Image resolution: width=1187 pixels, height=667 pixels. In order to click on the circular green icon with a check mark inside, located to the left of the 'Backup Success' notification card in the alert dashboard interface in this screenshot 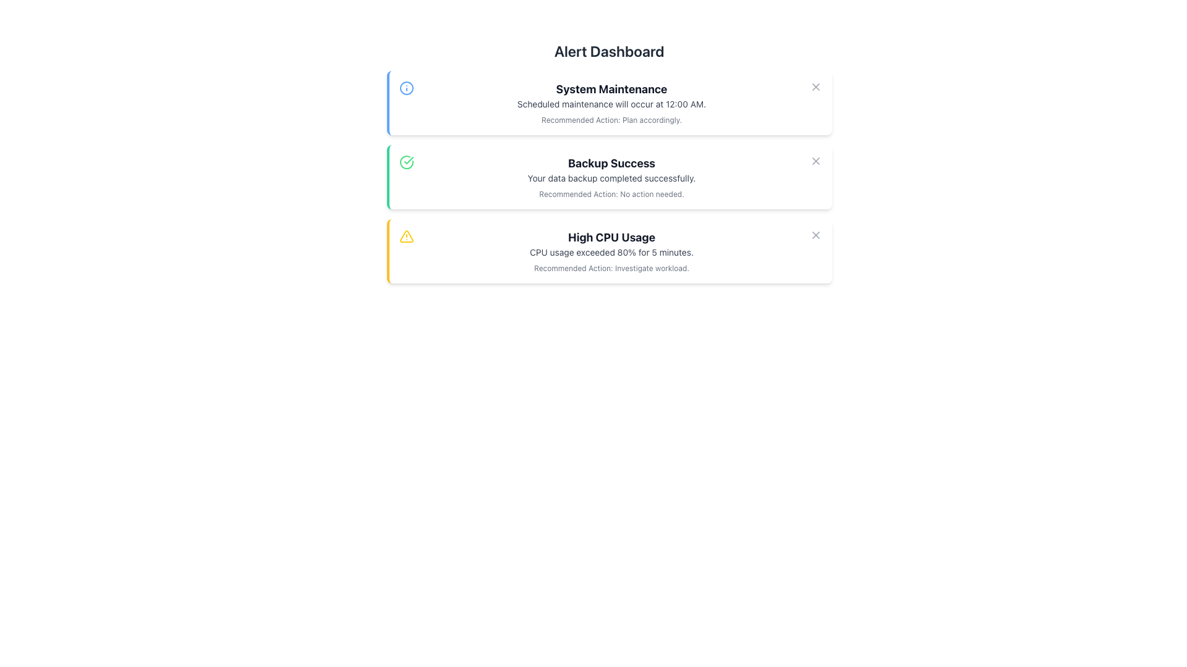, I will do `click(406, 161)`.